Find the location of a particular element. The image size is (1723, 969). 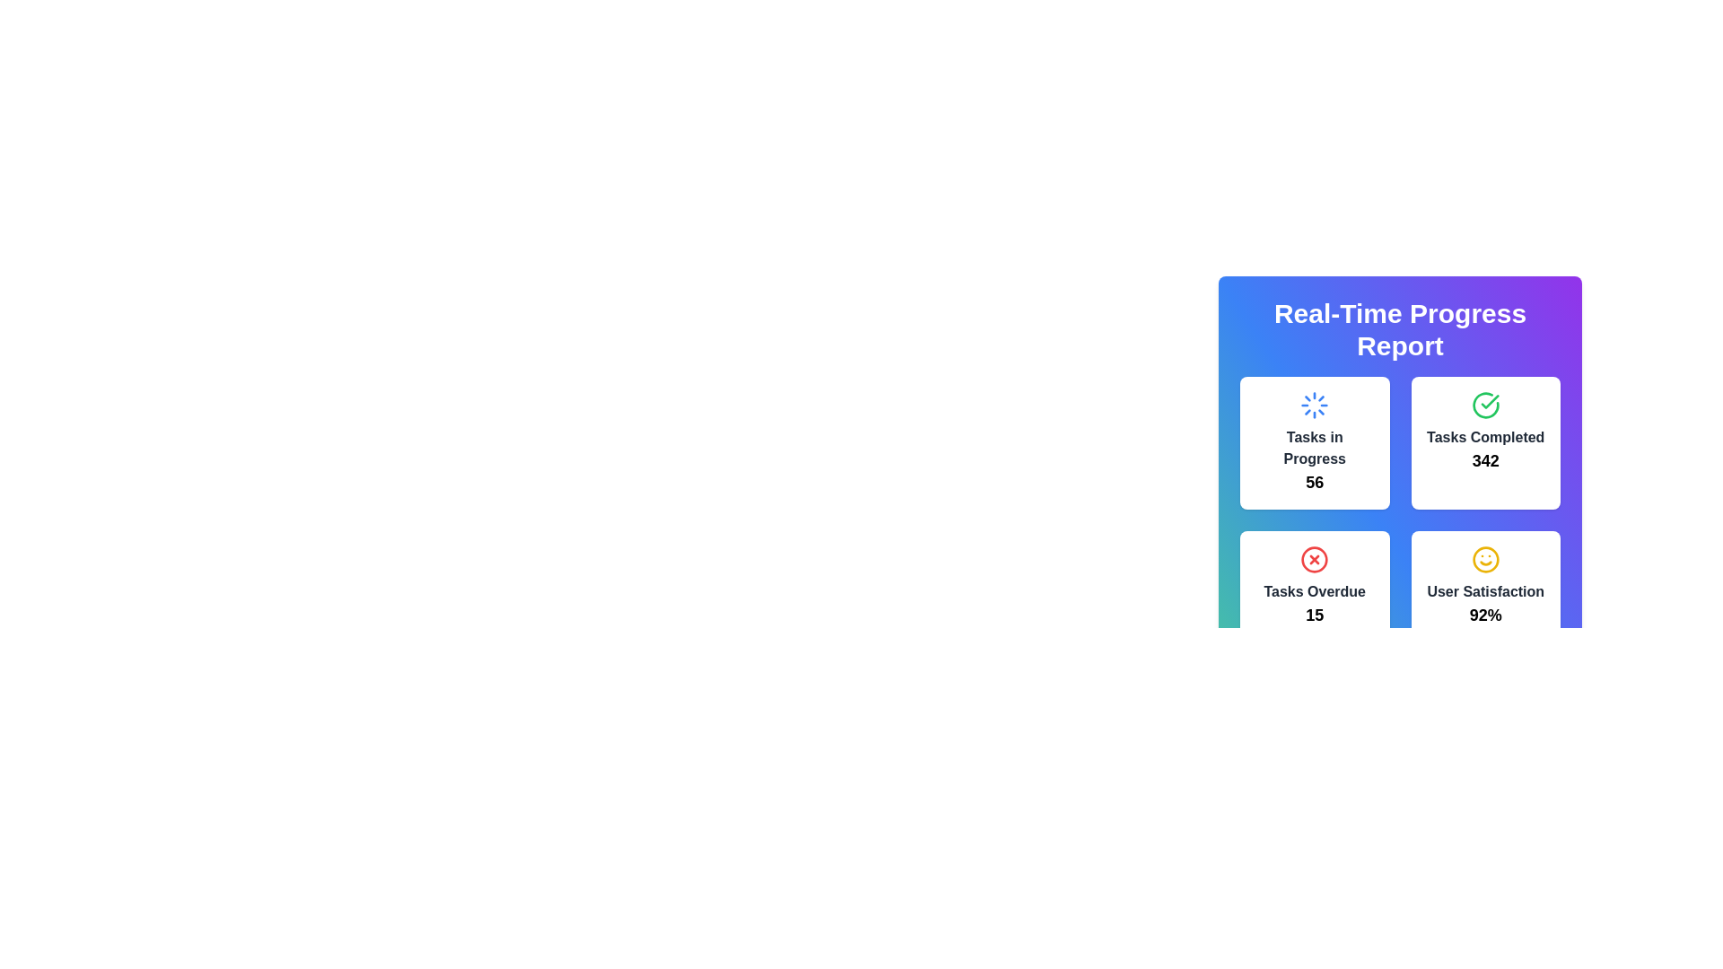

the text block with the words 'User Satisfaction' and a yellow smiling face icon, which is located in the bottom-right corner of the 'Real-Time Progress Report' section is located at coordinates (1485, 587).